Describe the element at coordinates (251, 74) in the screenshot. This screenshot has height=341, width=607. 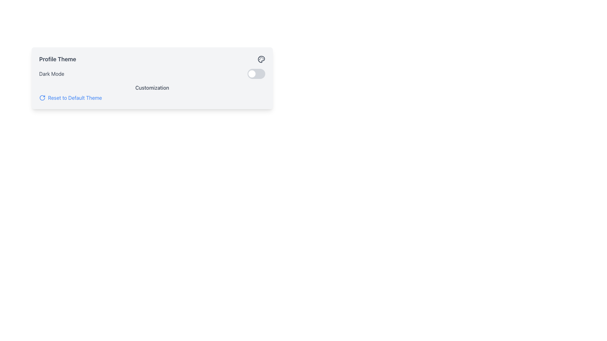
I see `the circular switch knob of the Dark Mode toggle switch from its current position` at that location.